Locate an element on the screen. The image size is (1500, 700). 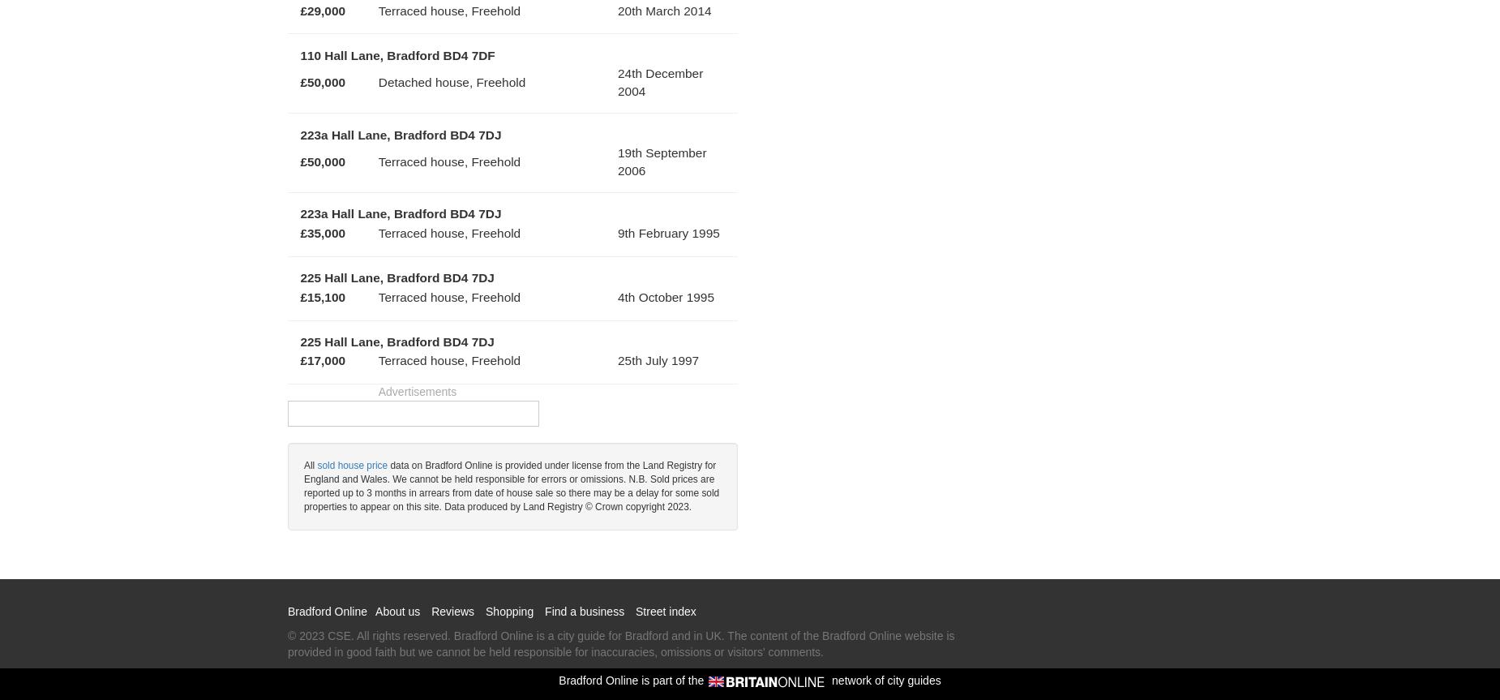
'25th July 1997' is located at coordinates (658, 359).